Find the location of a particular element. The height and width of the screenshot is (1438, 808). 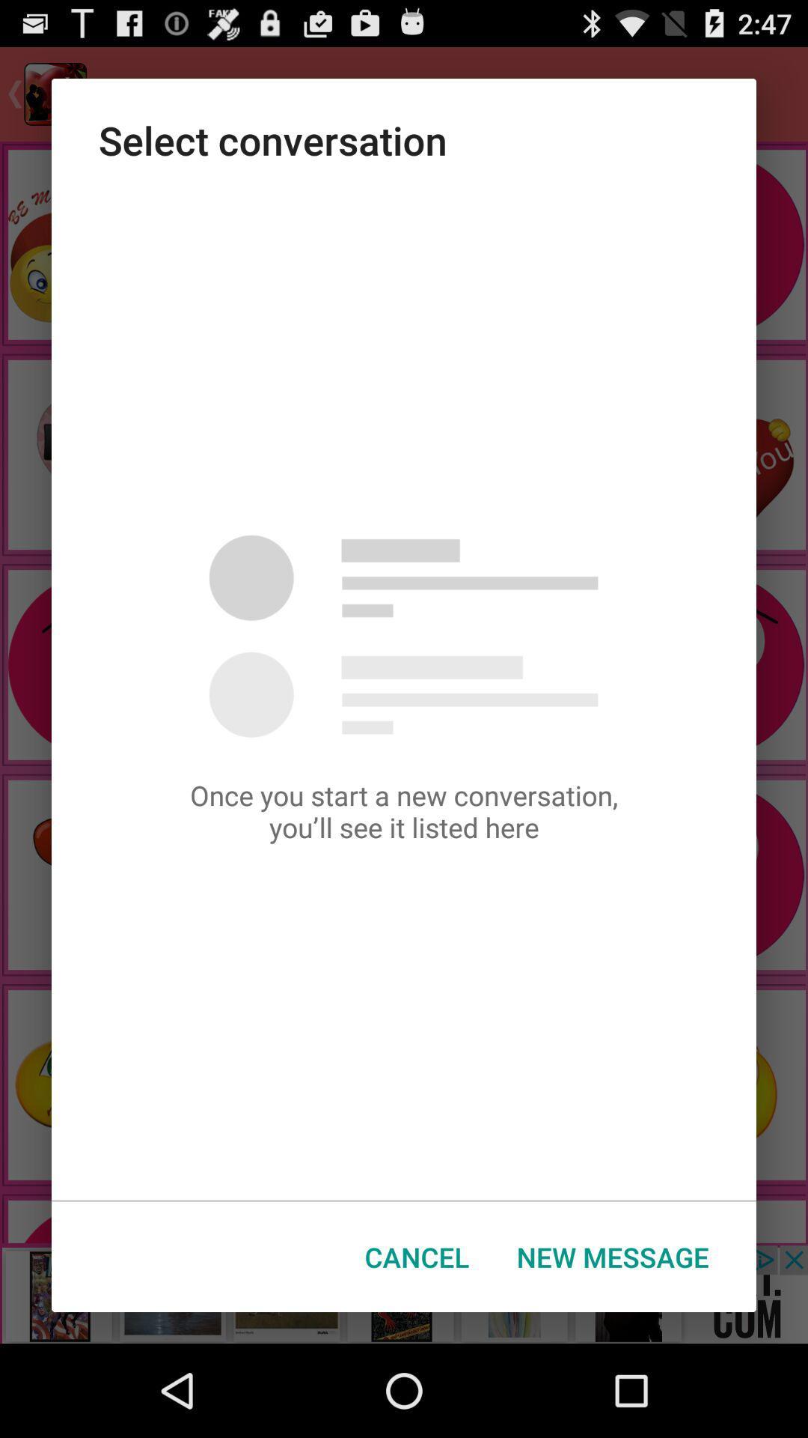

button next to the cancel icon is located at coordinates (613, 1257).